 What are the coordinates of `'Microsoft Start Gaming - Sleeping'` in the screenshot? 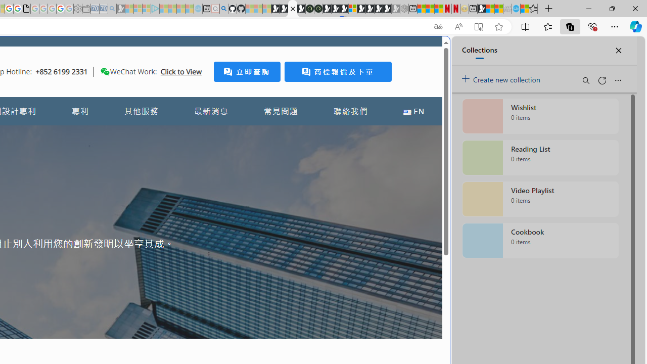 It's located at (120, 9).